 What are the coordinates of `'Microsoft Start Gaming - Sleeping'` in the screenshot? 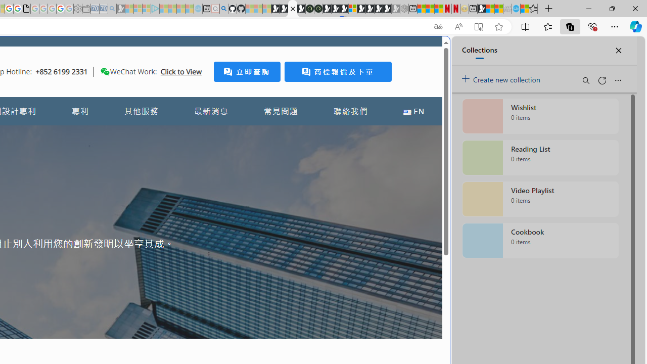 It's located at (120, 9).